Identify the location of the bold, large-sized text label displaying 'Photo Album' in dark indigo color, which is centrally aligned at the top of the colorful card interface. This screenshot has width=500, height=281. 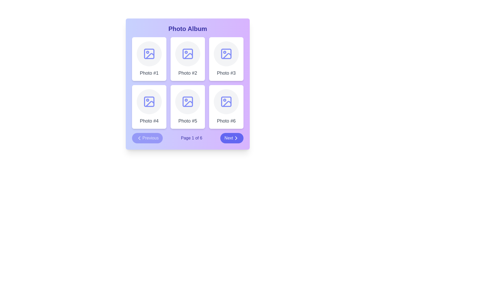
(187, 29).